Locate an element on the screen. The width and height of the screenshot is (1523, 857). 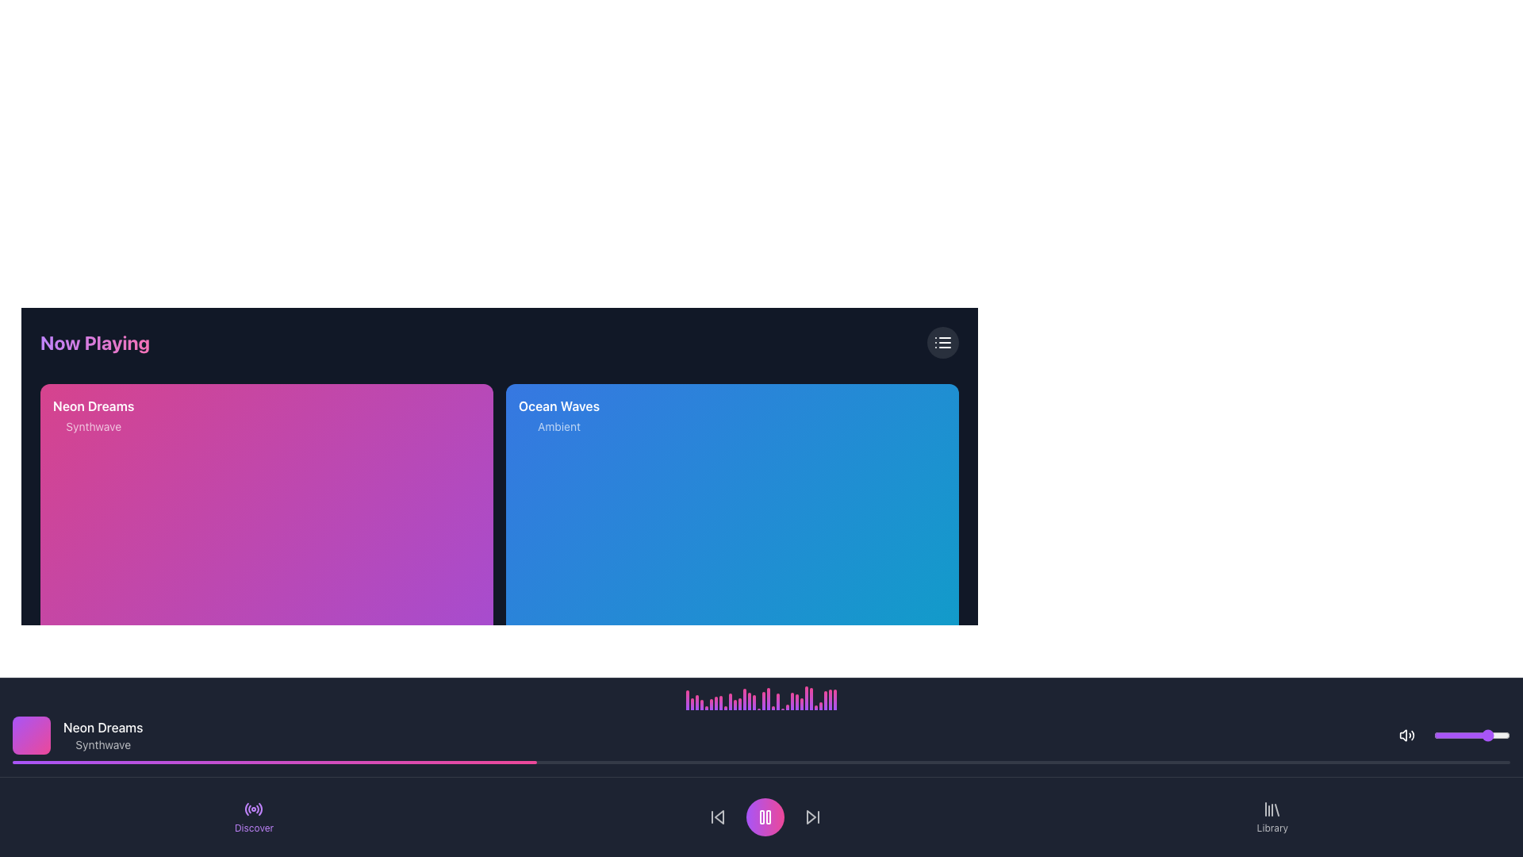
the slider is located at coordinates (1452, 735).